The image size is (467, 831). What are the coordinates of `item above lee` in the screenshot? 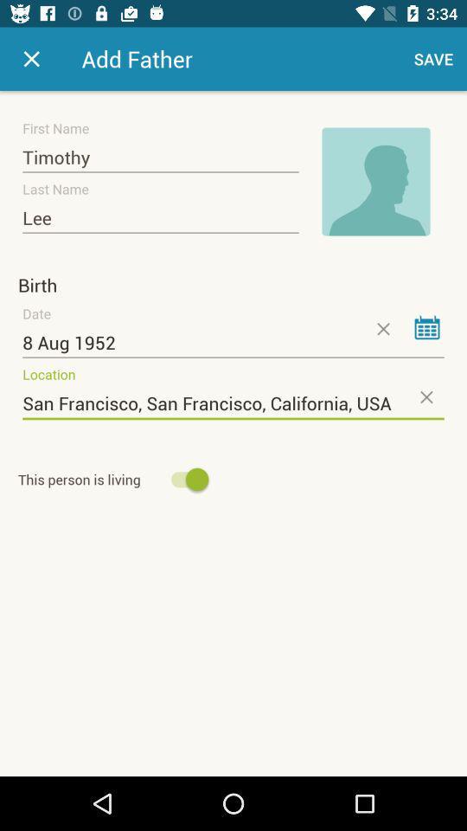 It's located at (160, 158).